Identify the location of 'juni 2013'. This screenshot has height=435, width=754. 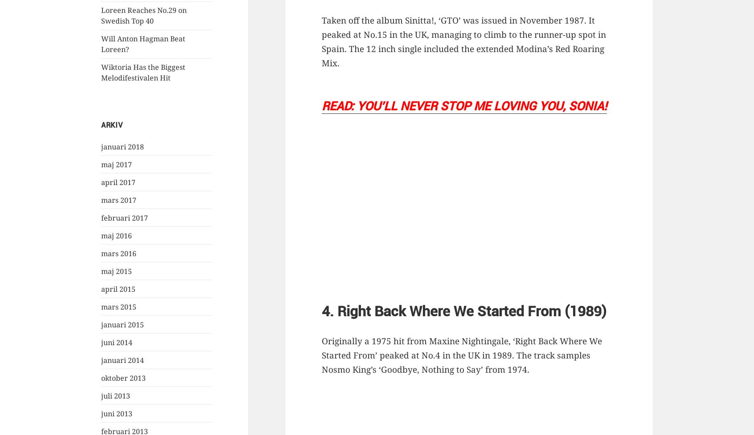
(116, 413).